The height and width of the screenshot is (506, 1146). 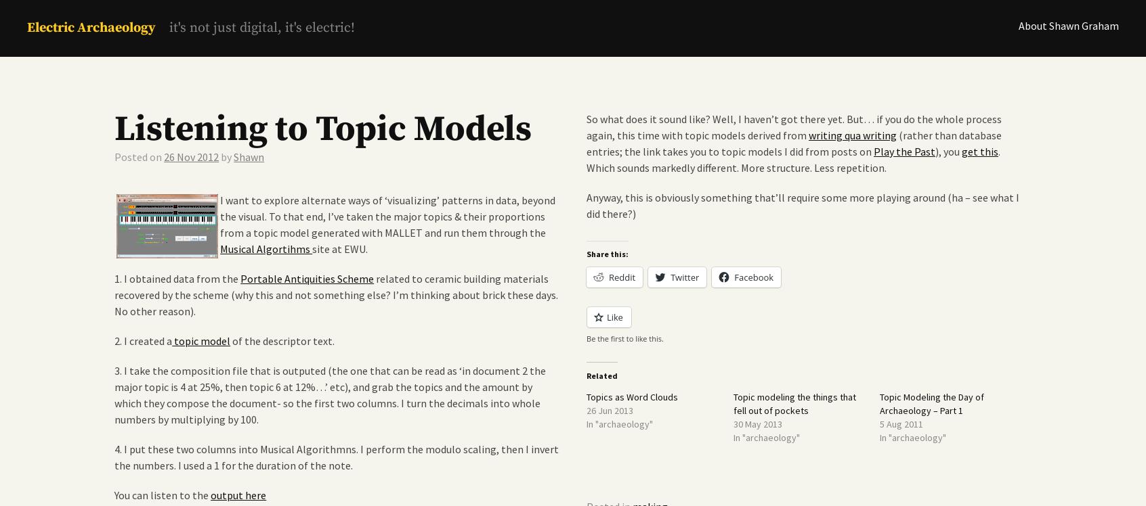 What do you see at coordinates (229, 341) in the screenshot?
I see `'of the descriptor text.'` at bounding box center [229, 341].